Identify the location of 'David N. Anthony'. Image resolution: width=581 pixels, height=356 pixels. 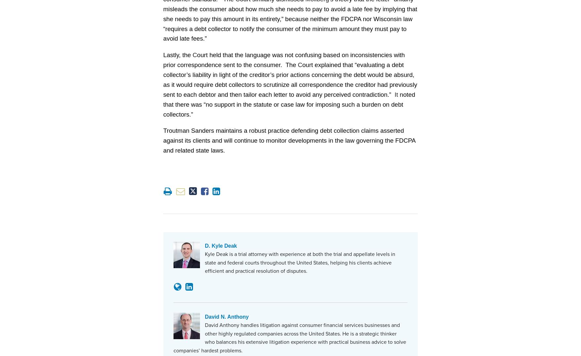
(225, 316).